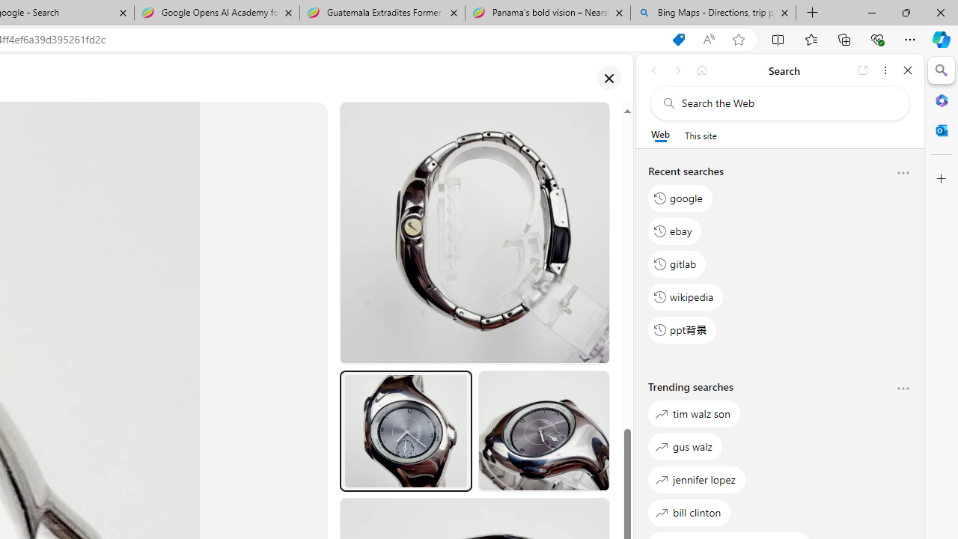  What do you see at coordinates (689, 511) in the screenshot?
I see `'bill clinton'` at bounding box center [689, 511].